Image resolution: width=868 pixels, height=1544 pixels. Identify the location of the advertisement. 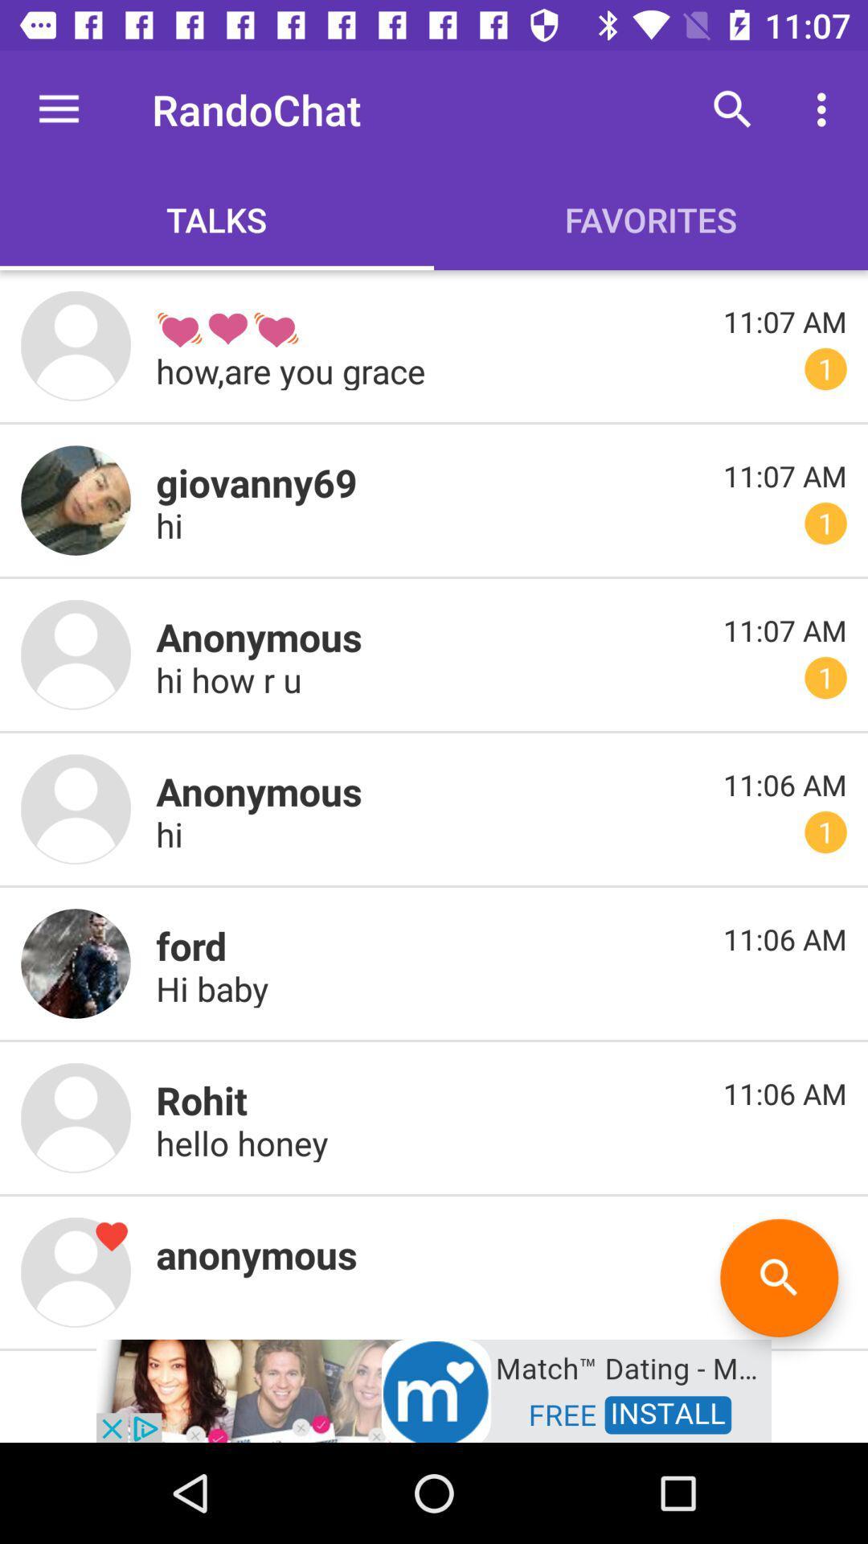
(434, 1389).